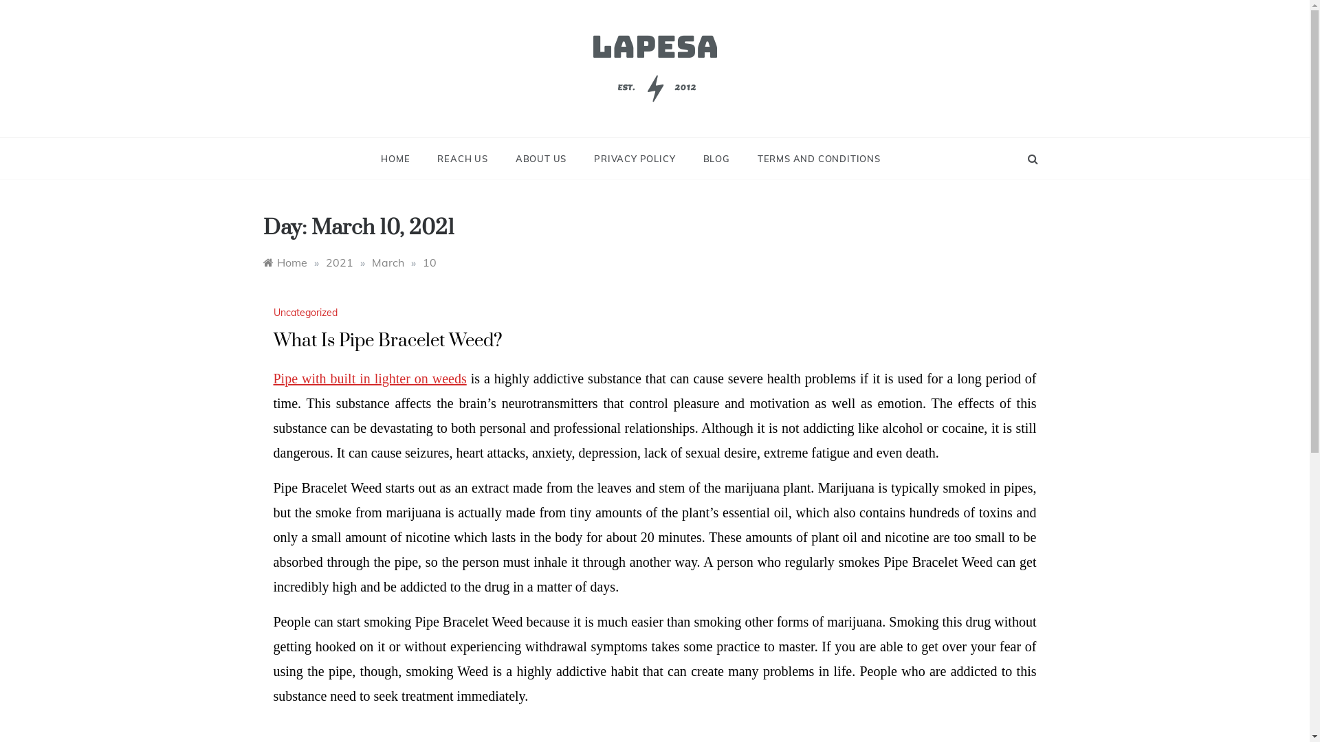 The image size is (1320, 742). What do you see at coordinates (283, 262) in the screenshot?
I see `'Home'` at bounding box center [283, 262].